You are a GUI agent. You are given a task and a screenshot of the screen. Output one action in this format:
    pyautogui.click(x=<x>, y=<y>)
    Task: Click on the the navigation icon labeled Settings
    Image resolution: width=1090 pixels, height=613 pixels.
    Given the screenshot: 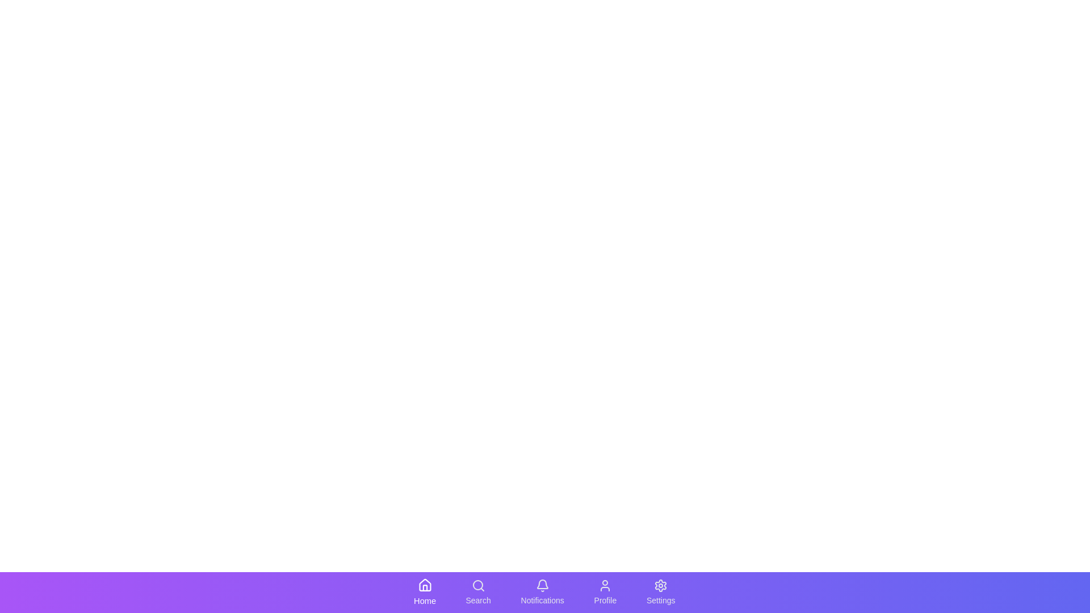 What is the action you would take?
    pyautogui.click(x=660, y=592)
    